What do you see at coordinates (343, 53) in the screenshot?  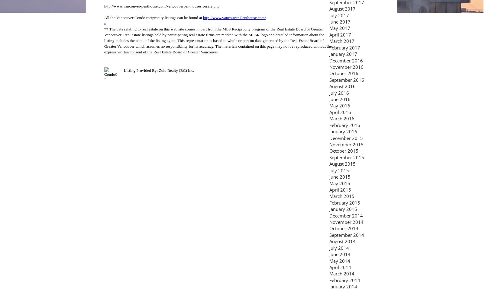 I see `'January 2017'` at bounding box center [343, 53].